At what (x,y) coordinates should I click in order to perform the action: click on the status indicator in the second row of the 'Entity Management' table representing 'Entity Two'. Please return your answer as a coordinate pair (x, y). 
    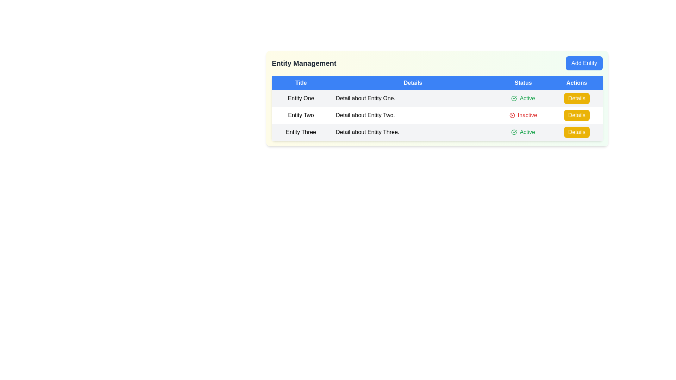
    Looking at the image, I should click on (437, 115).